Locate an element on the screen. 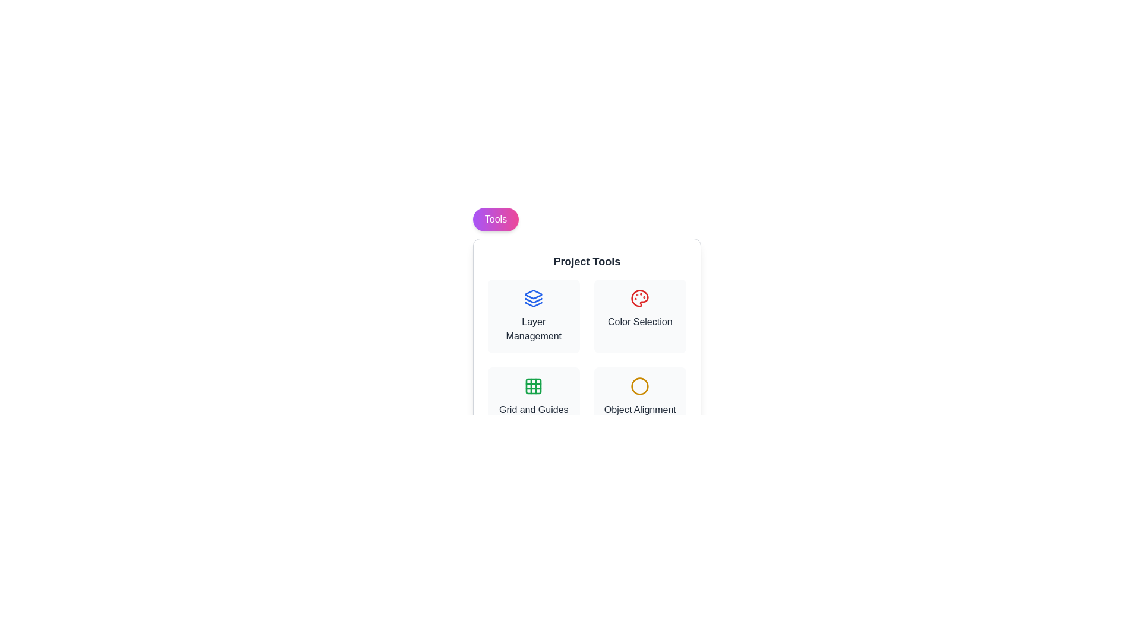  the 'Color Selection' button, which features a red painting palette icon and is located in the top-right cell of a grid layout is located at coordinates (639, 315).